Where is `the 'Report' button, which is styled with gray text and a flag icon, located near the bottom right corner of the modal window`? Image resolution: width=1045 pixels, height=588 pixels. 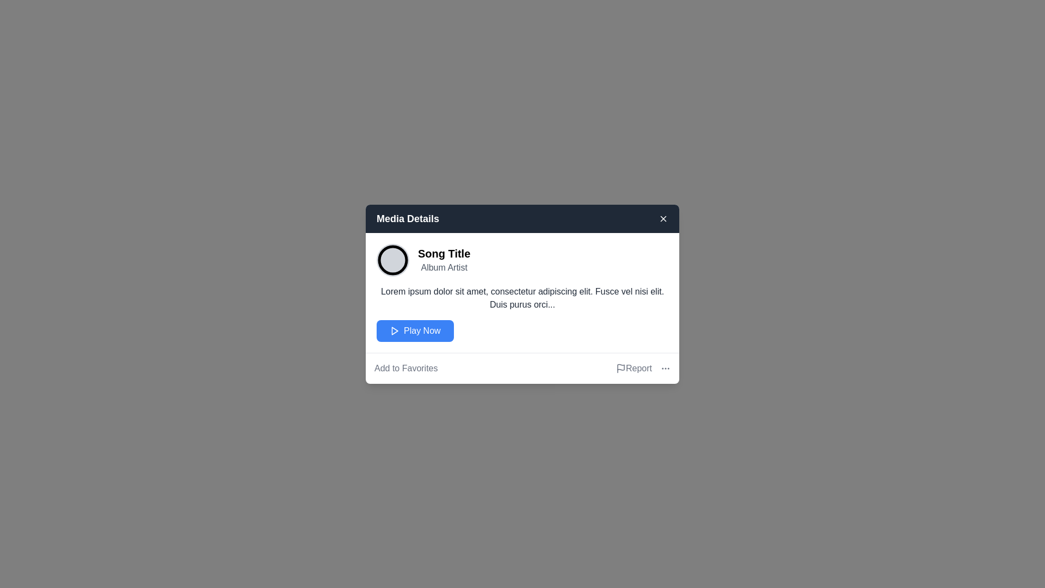 the 'Report' button, which is styled with gray text and a flag icon, located near the bottom right corner of the modal window is located at coordinates (634, 367).